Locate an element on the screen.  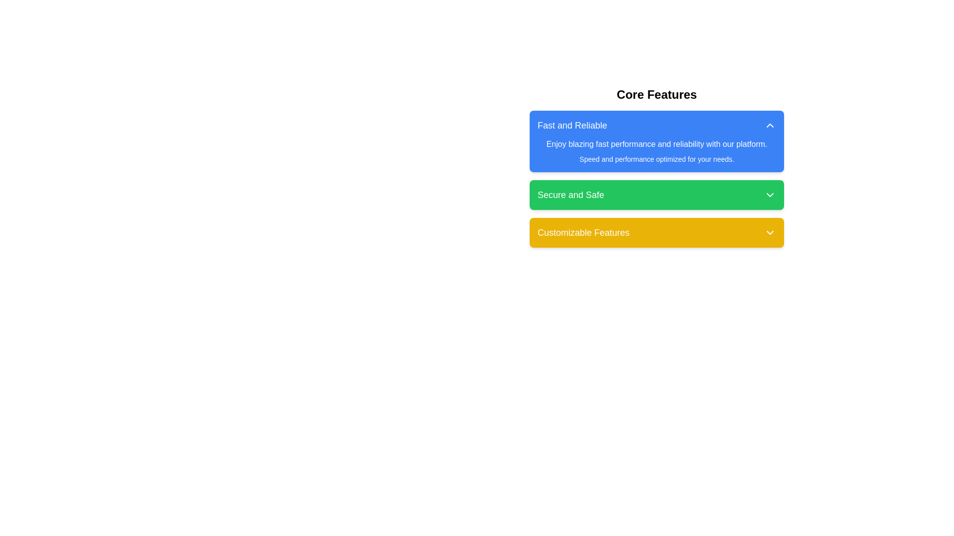
the downward-pointing chevron icon located at the right end of the 'Fast and Reliable' header is located at coordinates (770, 125).